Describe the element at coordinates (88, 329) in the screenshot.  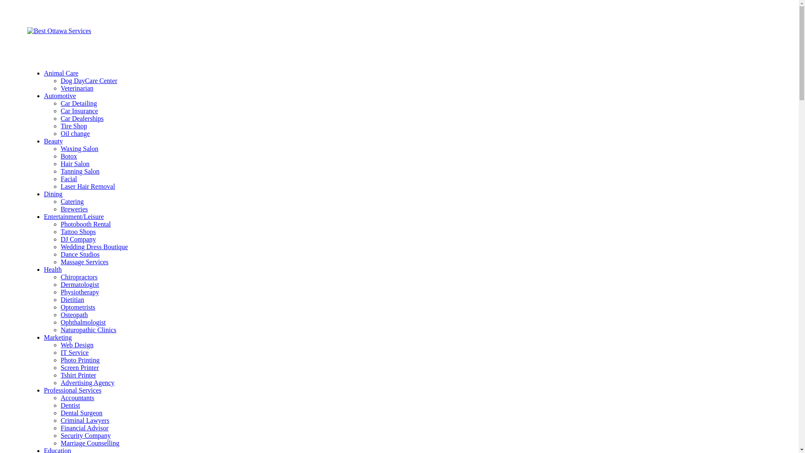
I see `'Naturopathic Clinics'` at that location.